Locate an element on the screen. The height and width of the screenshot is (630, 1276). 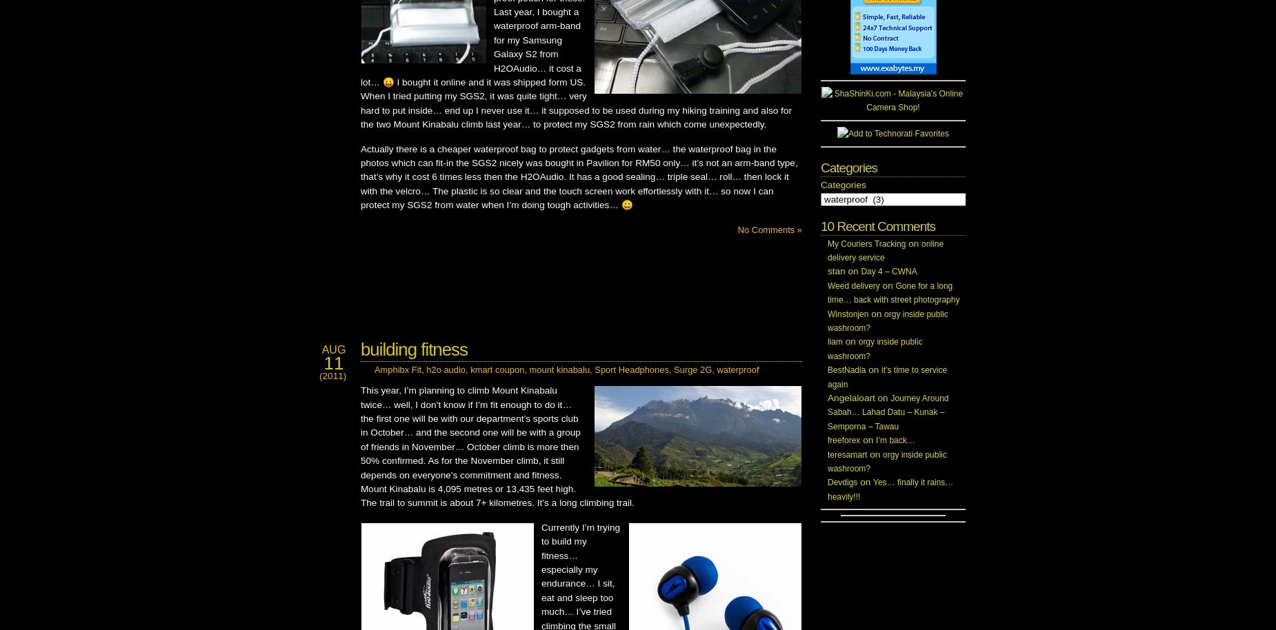
'I’m back…' is located at coordinates (894, 439).